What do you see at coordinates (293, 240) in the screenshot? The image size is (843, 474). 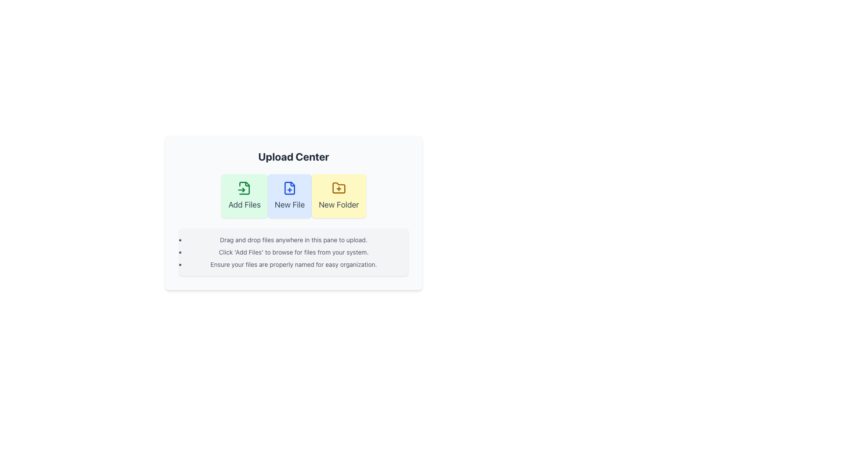 I see `the instructional text that guides users to drag and drop files into the upload pane for copying` at bounding box center [293, 240].